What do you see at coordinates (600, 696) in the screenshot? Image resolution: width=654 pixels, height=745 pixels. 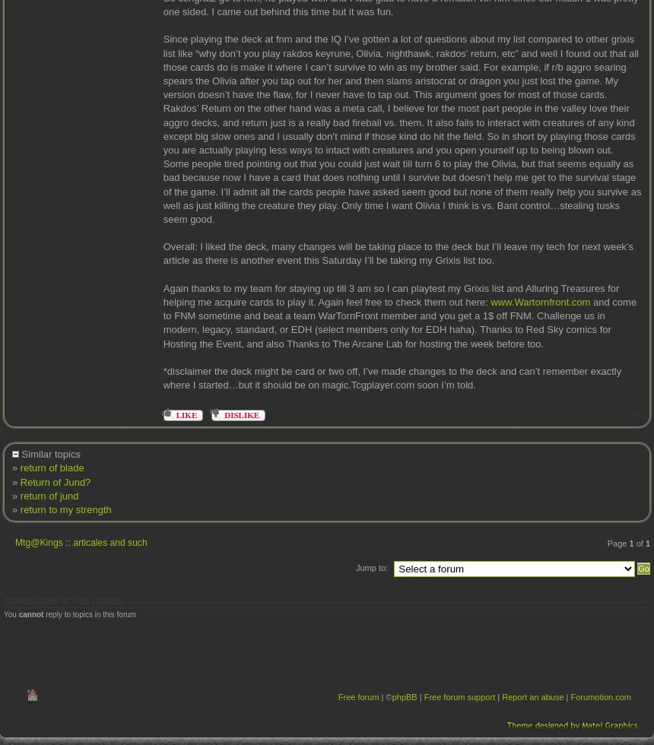 I see `'Forumotion.com'` at bounding box center [600, 696].